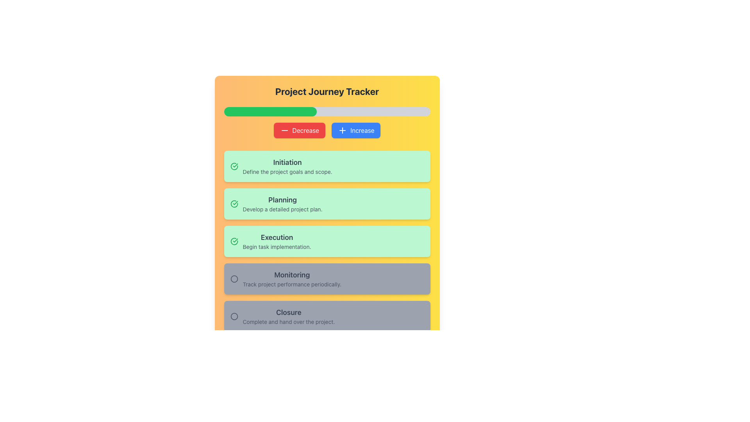  I want to click on the left button of the Button Group, which is used to decrease the value, located below the progress bar and above the list of steps, so click(327, 130).